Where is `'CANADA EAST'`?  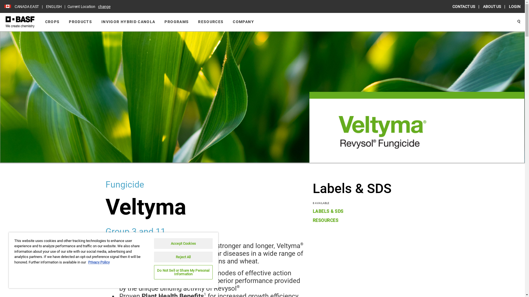
'CANADA EAST' is located at coordinates (26, 6).